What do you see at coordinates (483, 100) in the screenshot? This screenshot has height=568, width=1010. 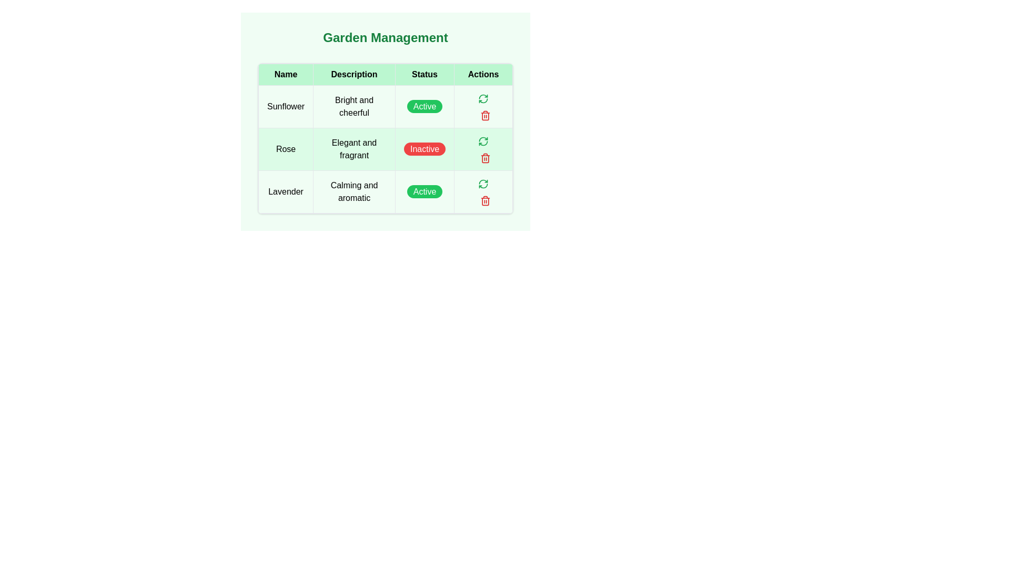 I see `the refresh icon in the 'Actions' column of the second row for 'Rose', which is currently marked as 'Inactive'` at bounding box center [483, 100].